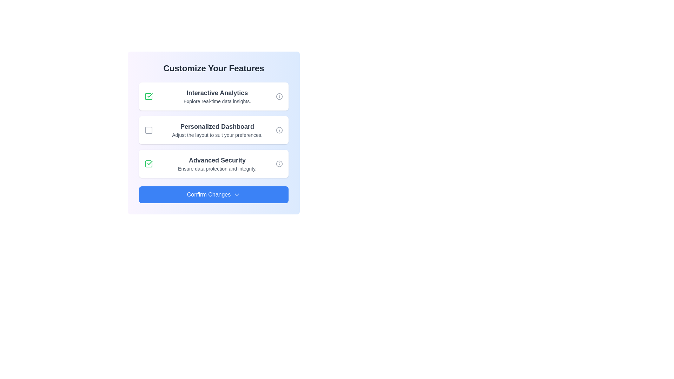 The image size is (674, 379). What do you see at coordinates (148, 96) in the screenshot?
I see `the checkbox for the 'Interactive Analytics' feature` at bounding box center [148, 96].